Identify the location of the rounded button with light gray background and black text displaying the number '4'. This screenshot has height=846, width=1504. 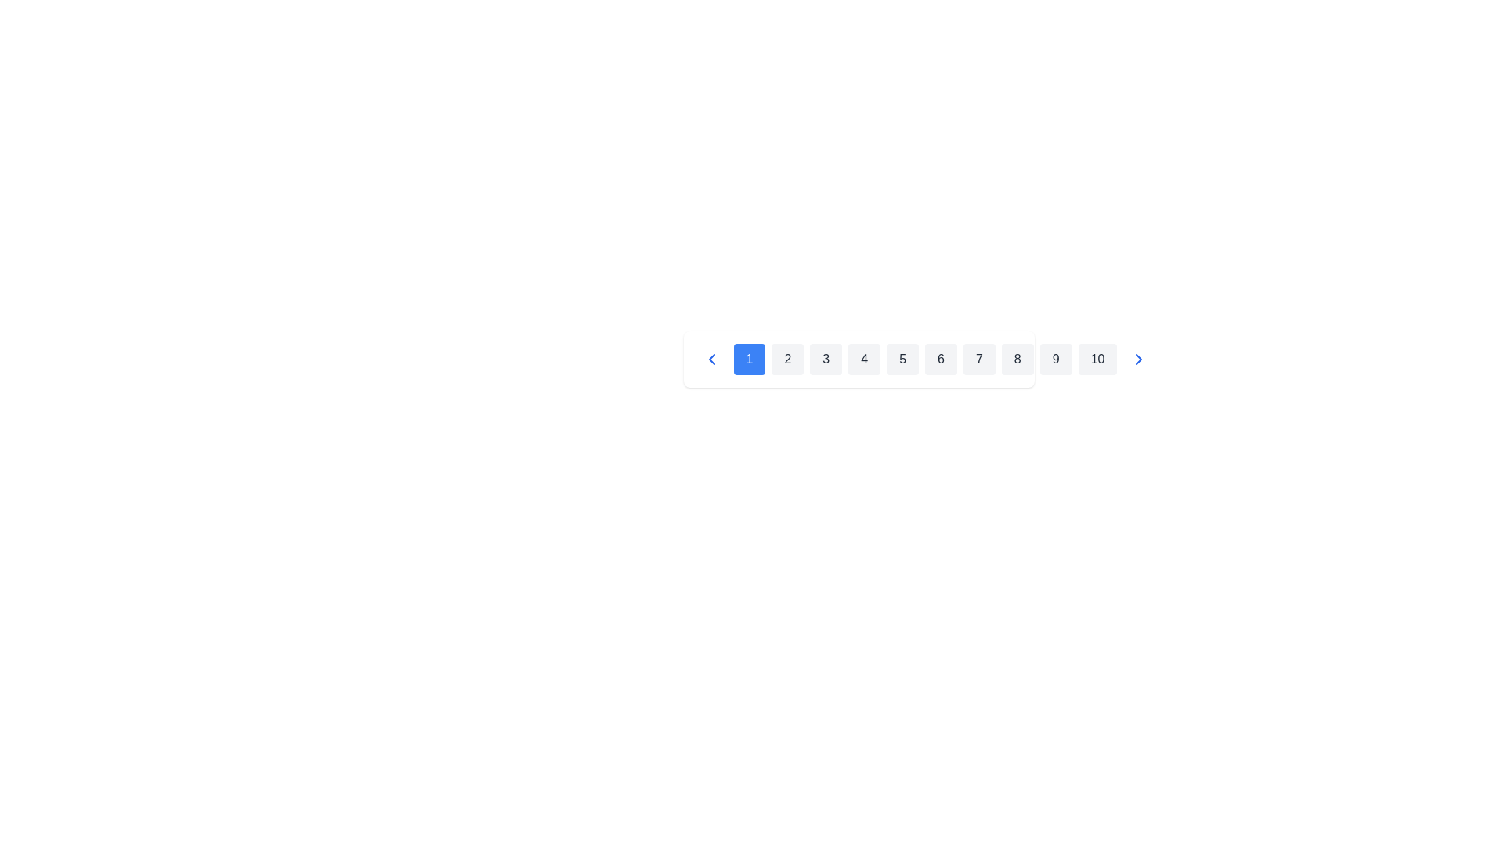
(863, 360).